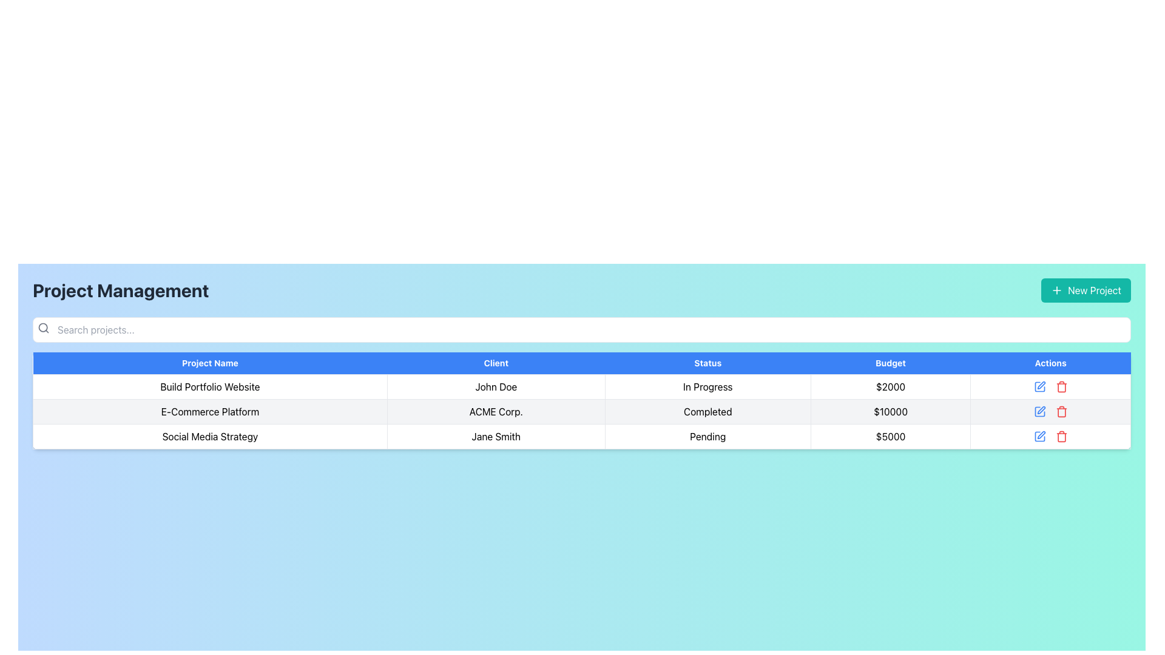 This screenshot has width=1165, height=655. I want to click on the edit icon button, which resembles a square with a pencil overlay, located in the Actions column of the data table, so click(1039, 386).